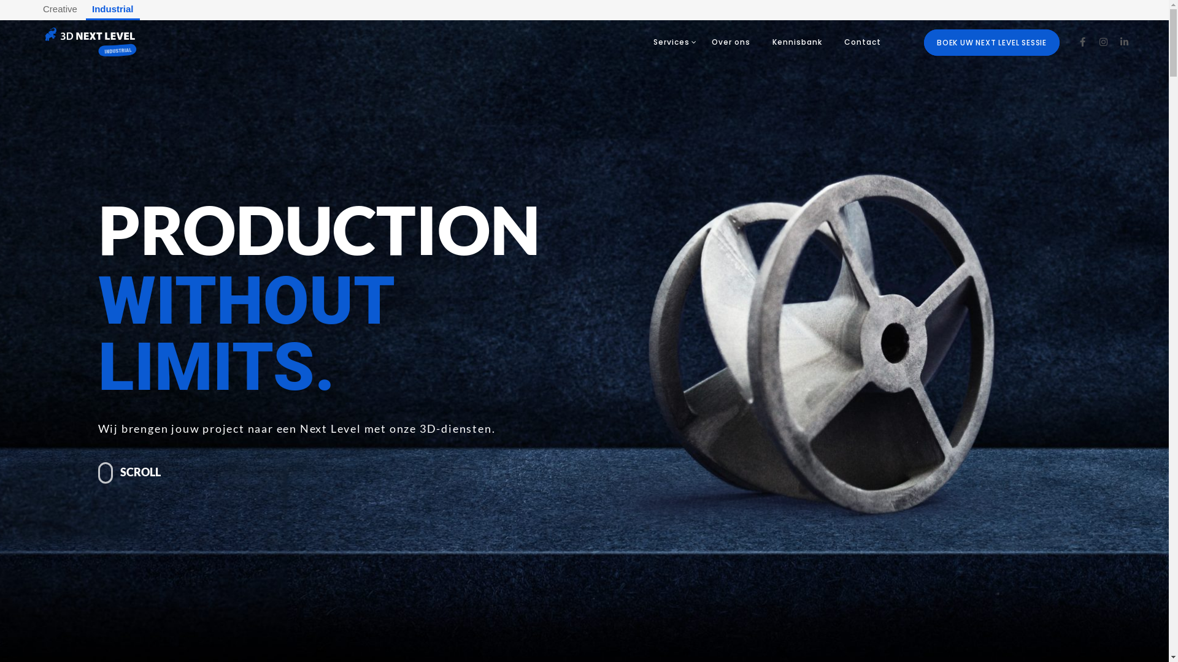  Describe the element at coordinates (862, 41) in the screenshot. I see `'Contact'` at that location.